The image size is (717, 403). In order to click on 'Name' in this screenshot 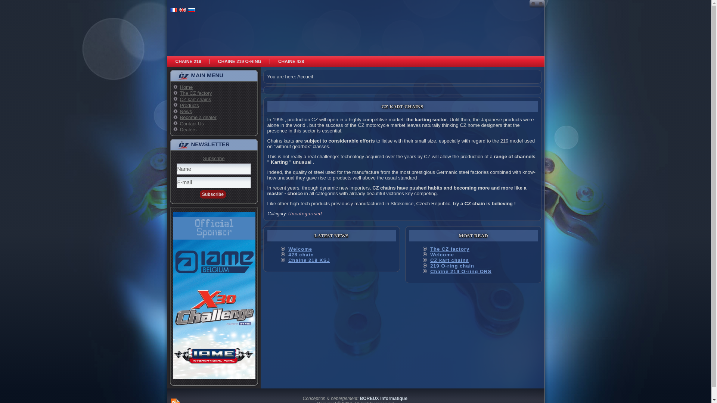, I will do `click(213, 169)`.